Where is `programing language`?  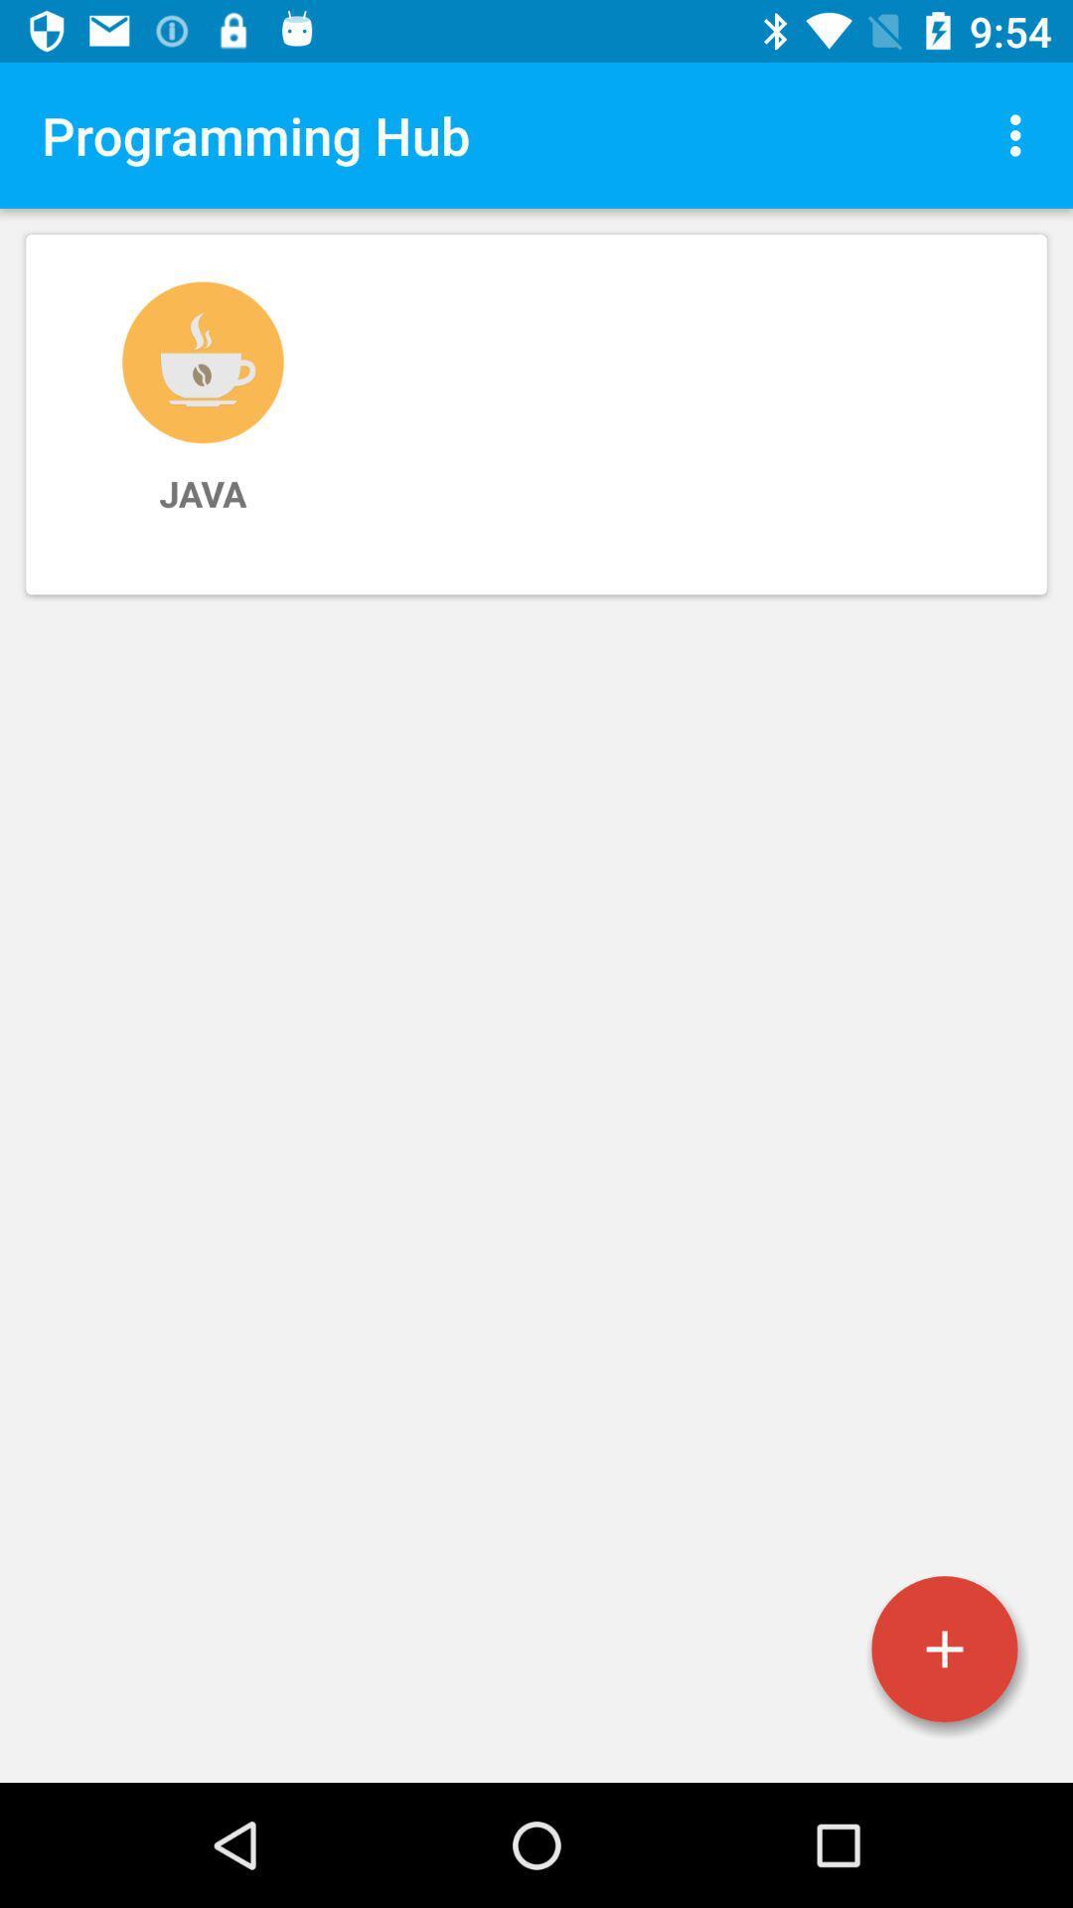 programing language is located at coordinates (944, 1649).